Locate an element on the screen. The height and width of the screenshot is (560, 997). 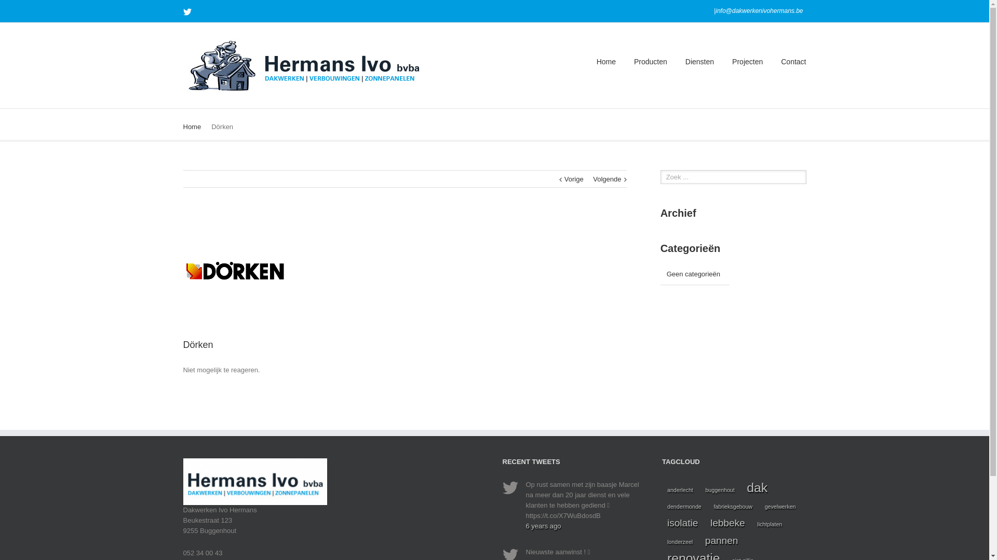
'lebbeke' is located at coordinates (727, 523).